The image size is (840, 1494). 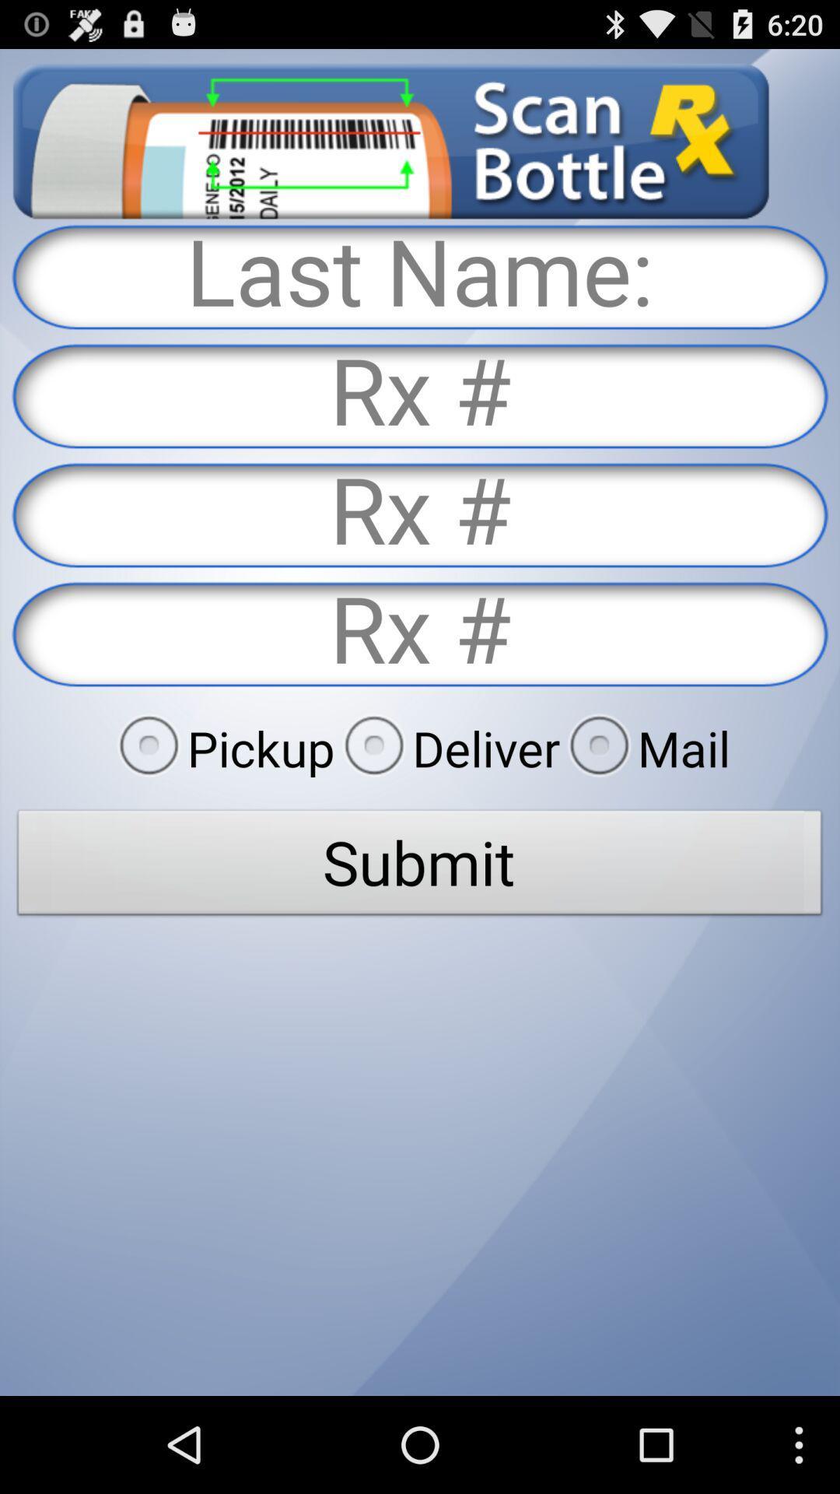 I want to click on icon next to mail, so click(x=447, y=748).